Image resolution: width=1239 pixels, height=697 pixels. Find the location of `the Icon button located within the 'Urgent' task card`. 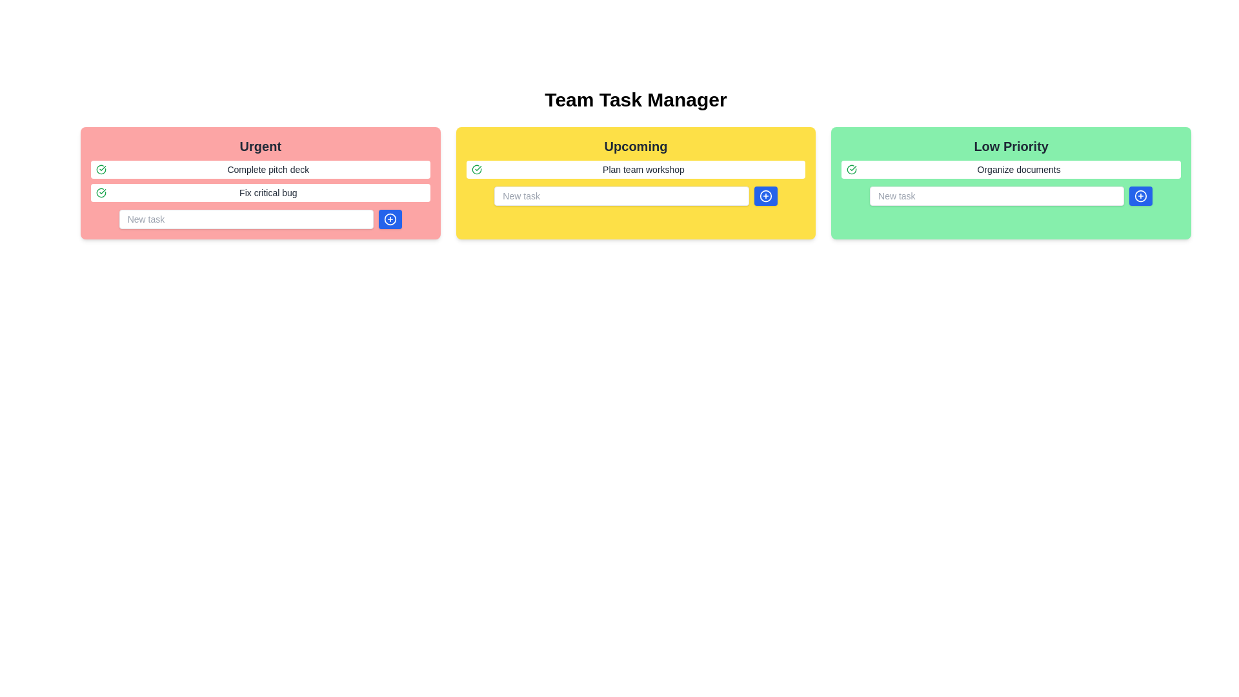

the Icon button located within the 'Urgent' task card is located at coordinates (389, 218).